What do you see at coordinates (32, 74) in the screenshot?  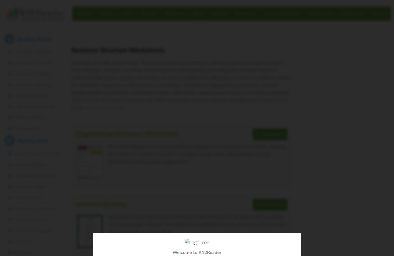 I see `'3rd Grade Spelling'` at bounding box center [32, 74].